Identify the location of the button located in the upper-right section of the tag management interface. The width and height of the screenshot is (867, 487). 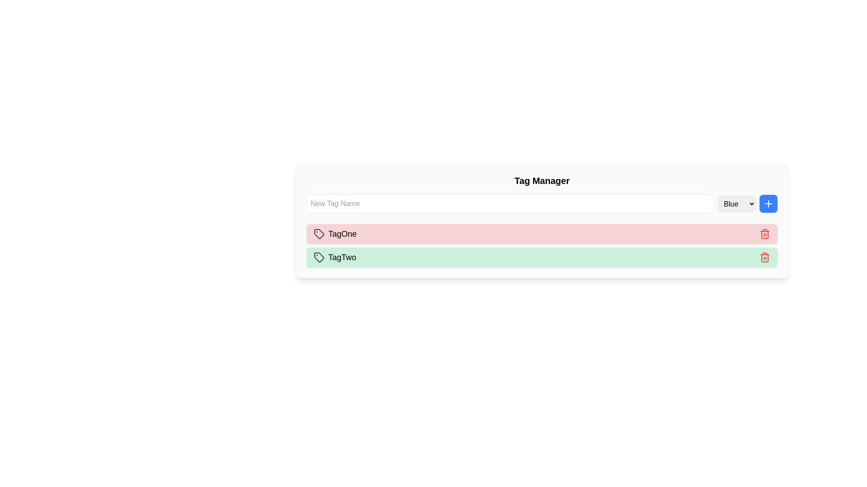
(768, 203).